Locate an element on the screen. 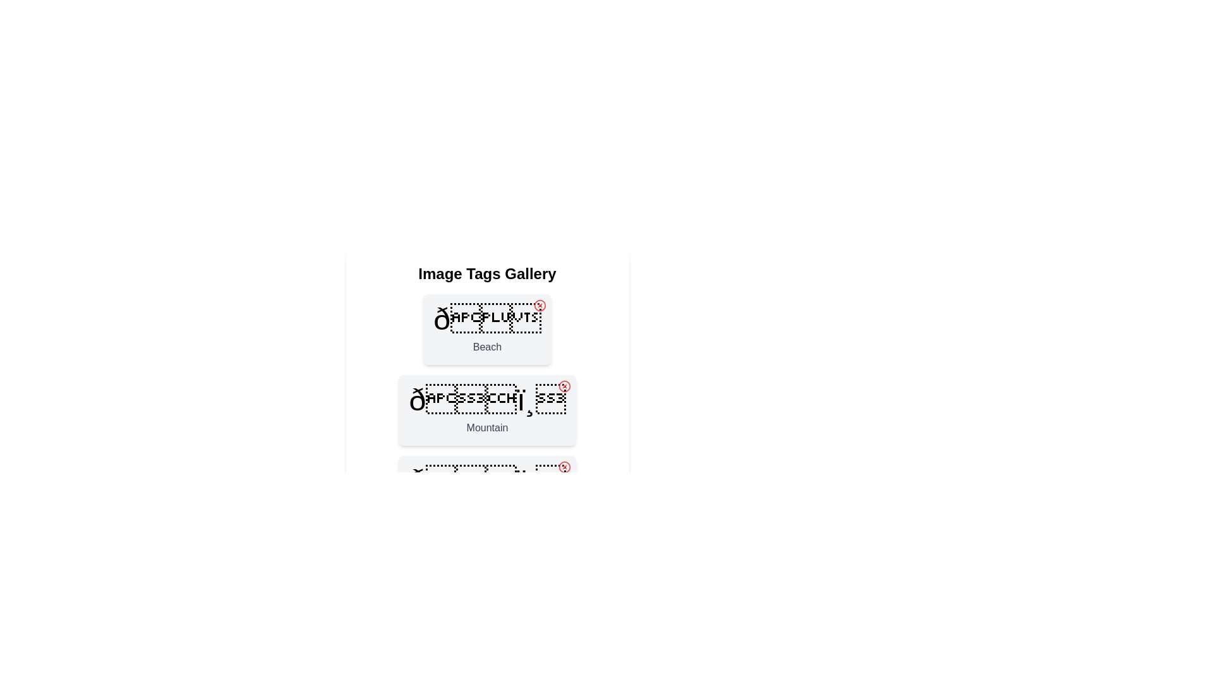 This screenshot has height=682, width=1213. the emoji associated with the tag Mountain is located at coordinates (486, 400).